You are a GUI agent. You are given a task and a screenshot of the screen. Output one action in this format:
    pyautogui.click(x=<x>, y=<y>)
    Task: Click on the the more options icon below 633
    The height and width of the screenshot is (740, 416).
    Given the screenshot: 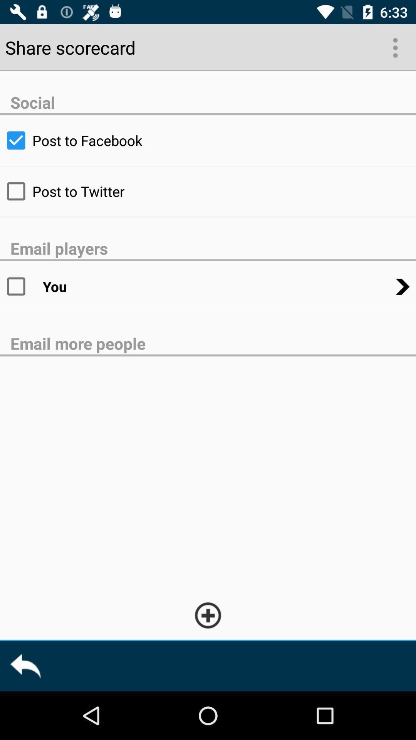 What is the action you would take?
    pyautogui.click(x=394, y=47)
    